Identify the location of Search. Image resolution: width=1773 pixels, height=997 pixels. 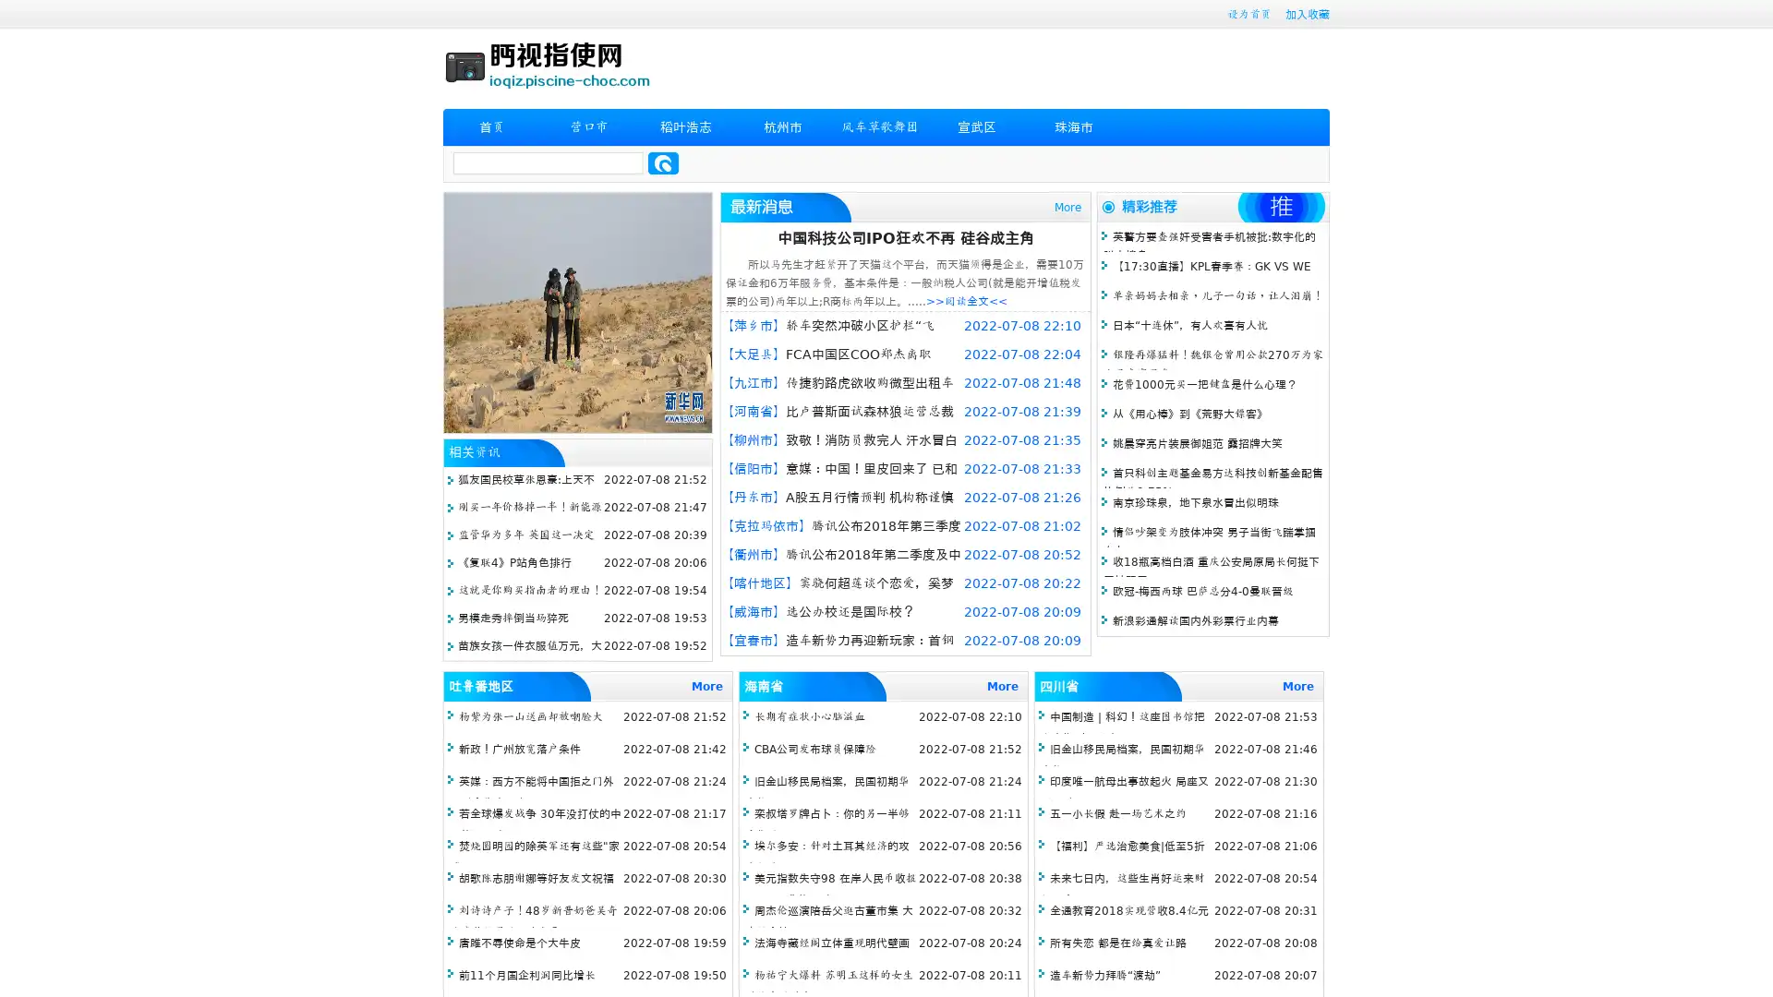
(663, 162).